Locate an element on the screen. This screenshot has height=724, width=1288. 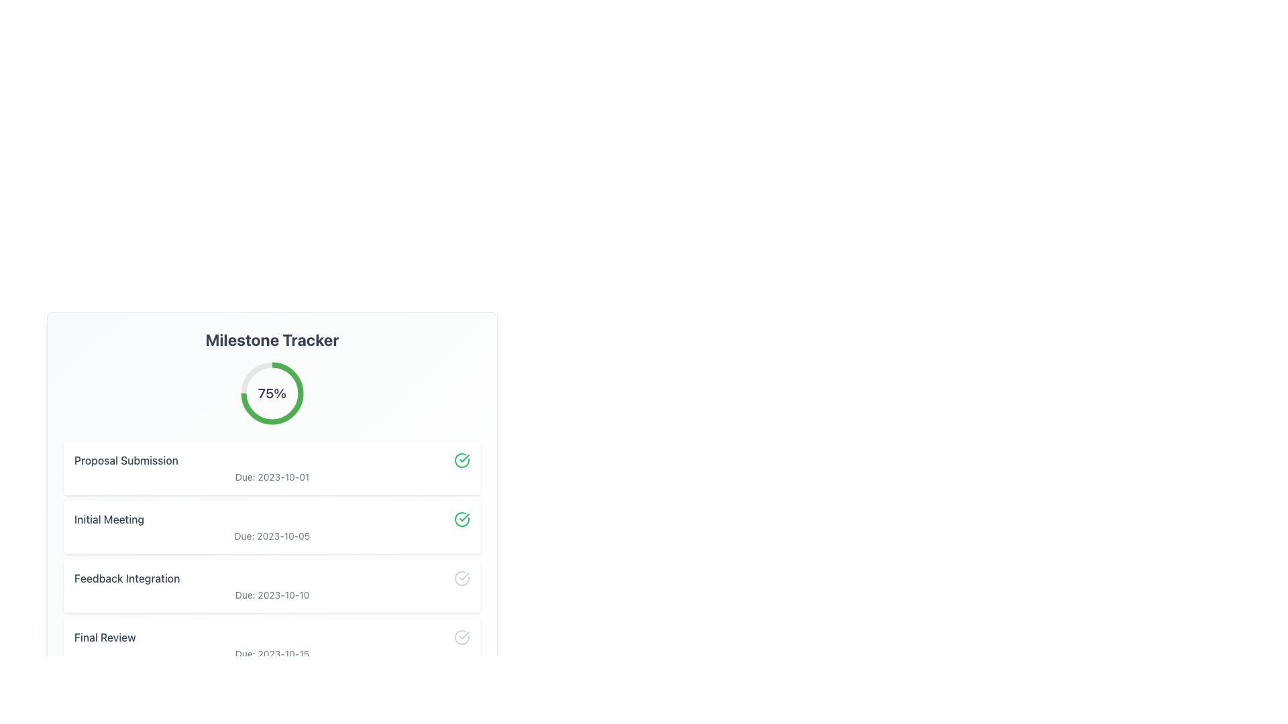
the second checkmark icon indicating the successful completion of the 'Initial Meeting' milestone is located at coordinates (464, 516).